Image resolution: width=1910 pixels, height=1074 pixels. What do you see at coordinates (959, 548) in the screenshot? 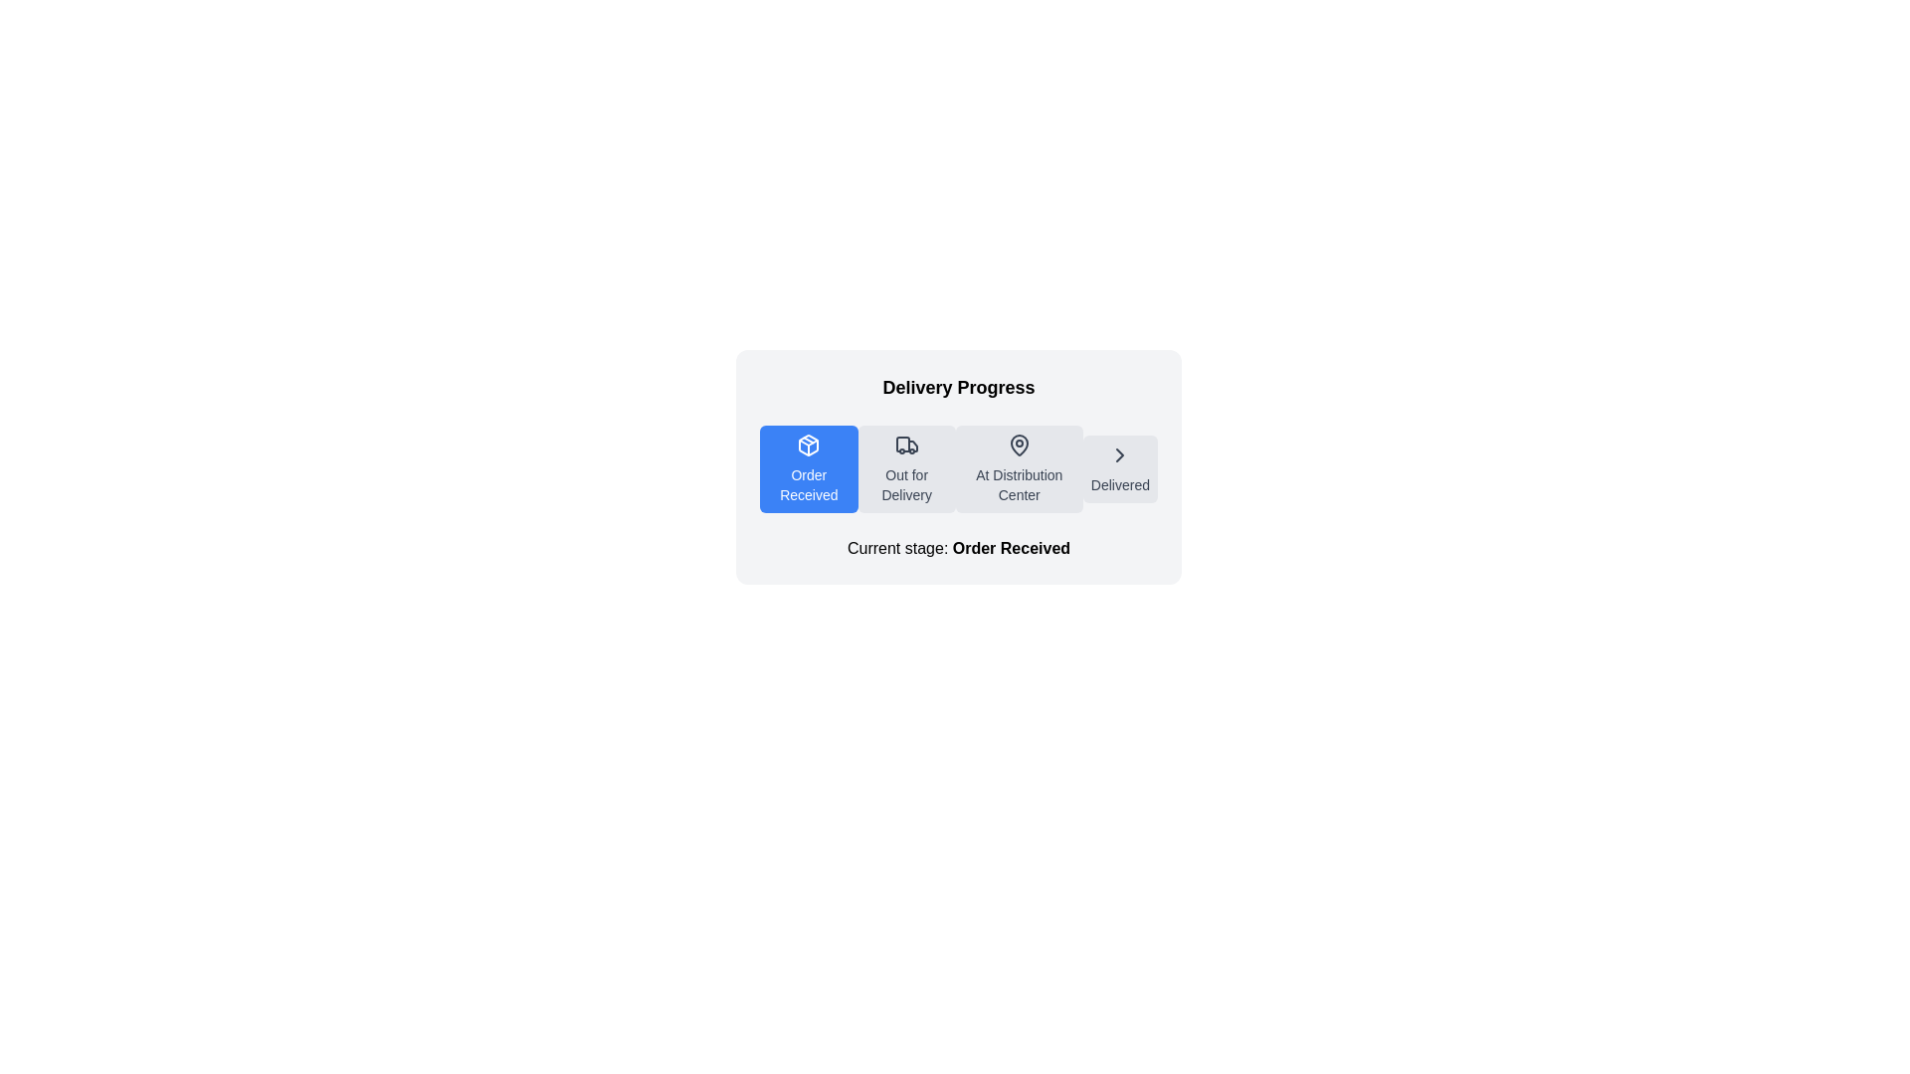
I see `text displayed in the centered text component labeled 'Current stage: Order Received', located at the bottom of the delivery progress section` at bounding box center [959, 548].